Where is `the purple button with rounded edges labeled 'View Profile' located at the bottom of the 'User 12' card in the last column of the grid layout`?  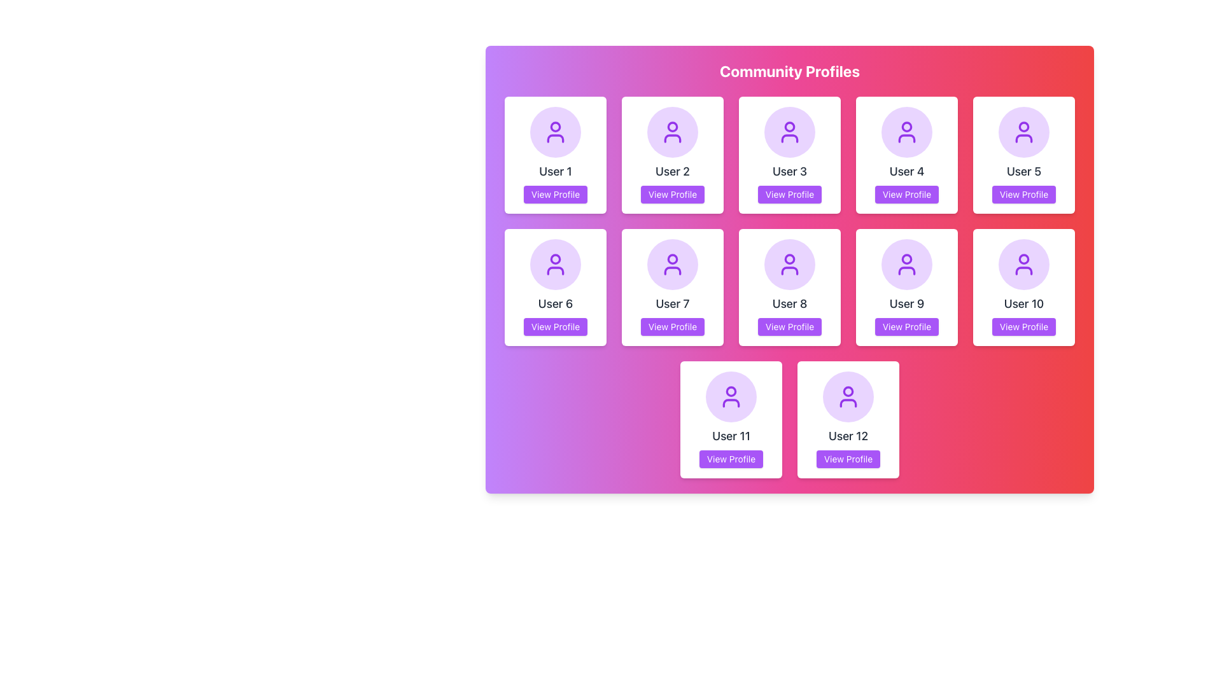 the purple button with rounded edges labeled 'View Profile' located at the bottom of the 'User 12' card in the last column of the grid layout is located at coordinates (848, 459).